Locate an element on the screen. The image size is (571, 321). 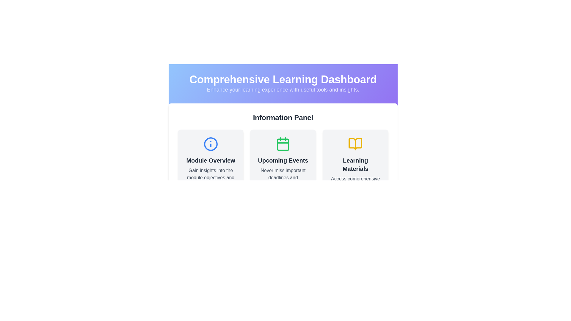
the Informational Card located in the top left corner of the grid layout, below the 'Information Panel' header is located at coordinates (211, 166).